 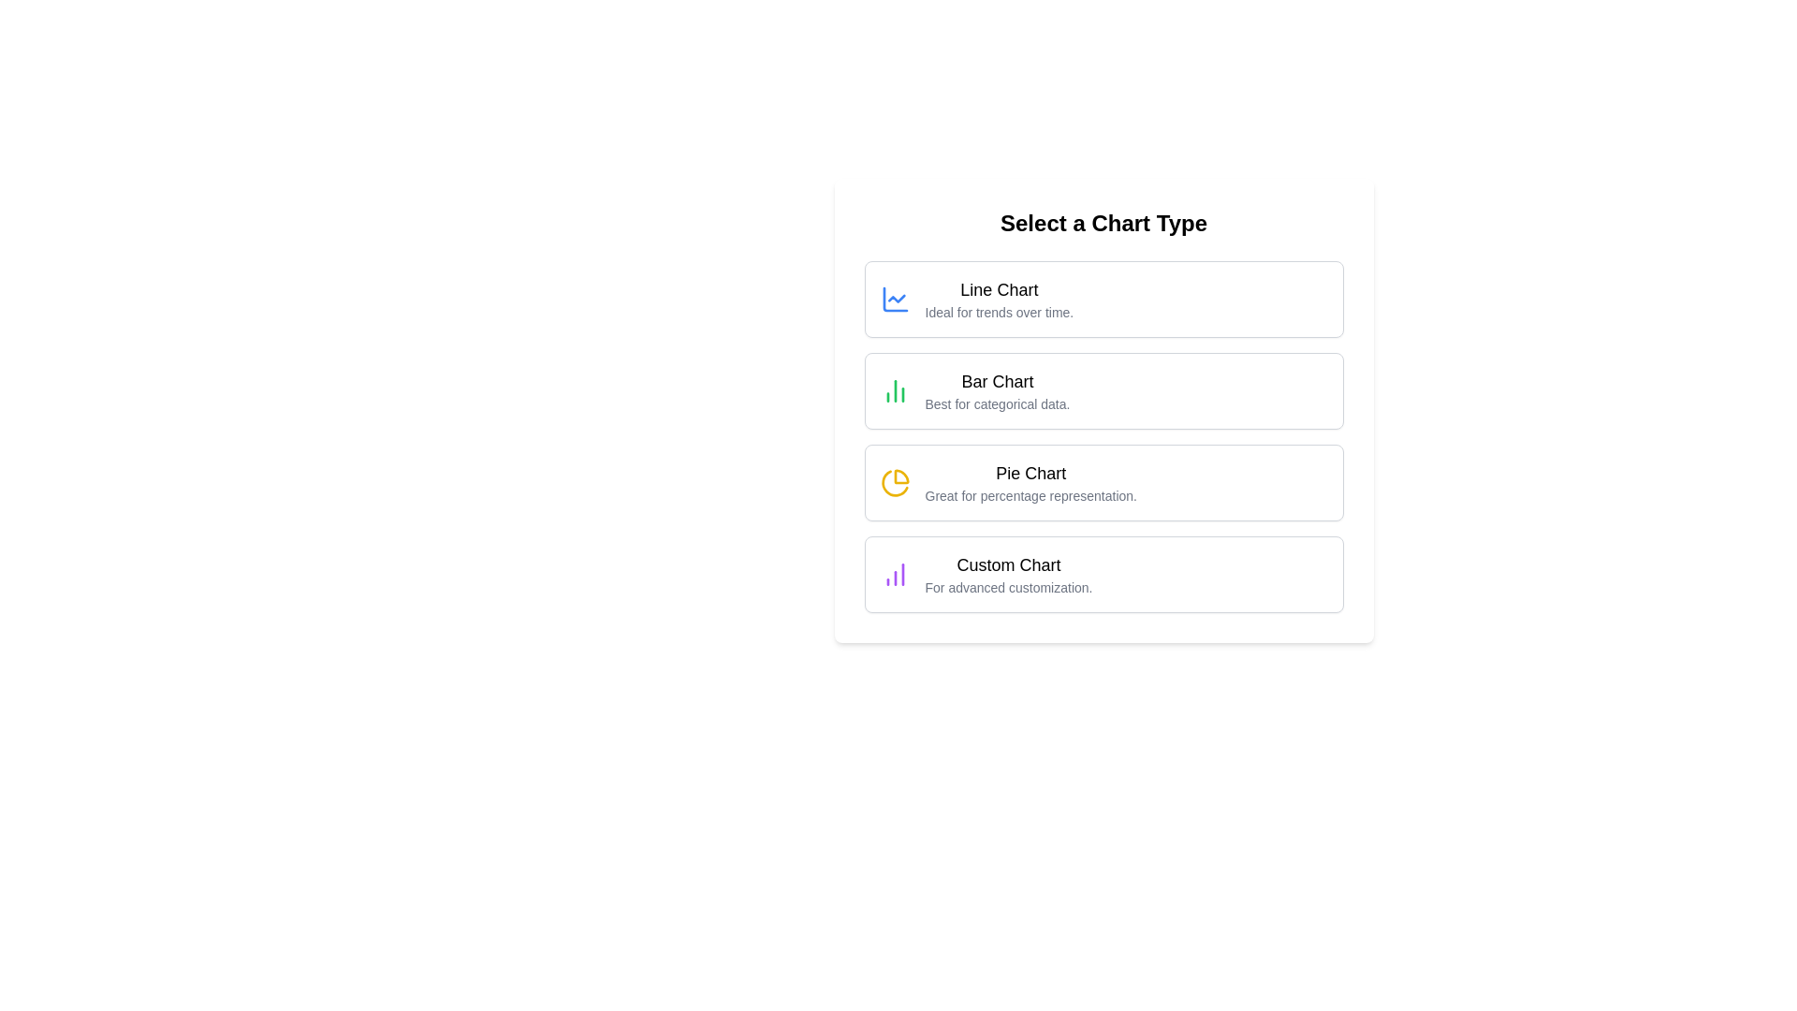 What do you see at coordinates (1103, 223) in the screenshot?
I see `the Text heading that informs the user to select a chart type from the options below it` at bounding box center [1103, 223].